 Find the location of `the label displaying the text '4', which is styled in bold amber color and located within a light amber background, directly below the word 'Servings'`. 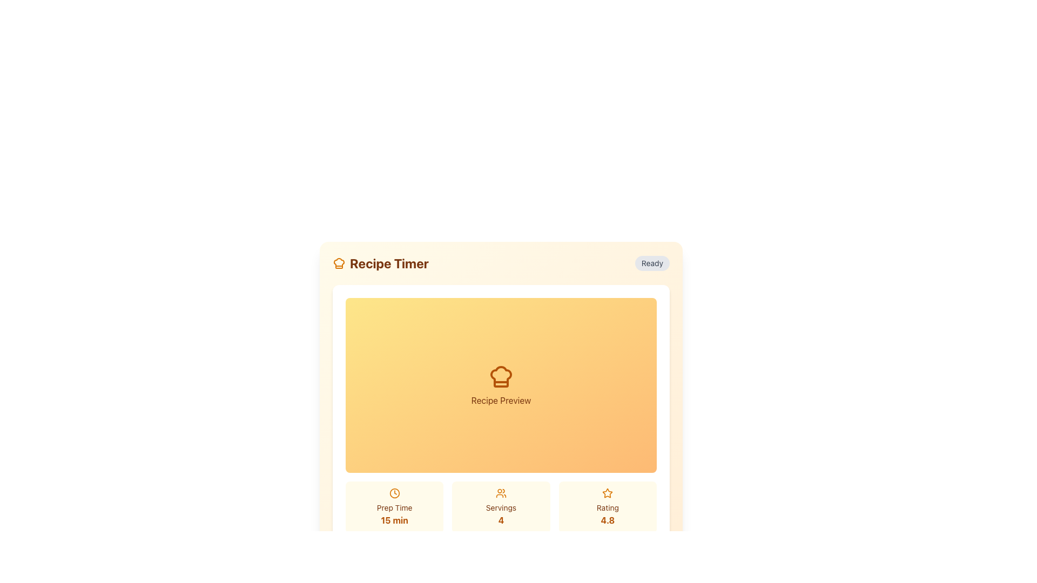

the label displaying the text '4', which is styled in bold amber color and located within a light amber background, directly below the word 'Servings' is located at coordinates (500, 520).